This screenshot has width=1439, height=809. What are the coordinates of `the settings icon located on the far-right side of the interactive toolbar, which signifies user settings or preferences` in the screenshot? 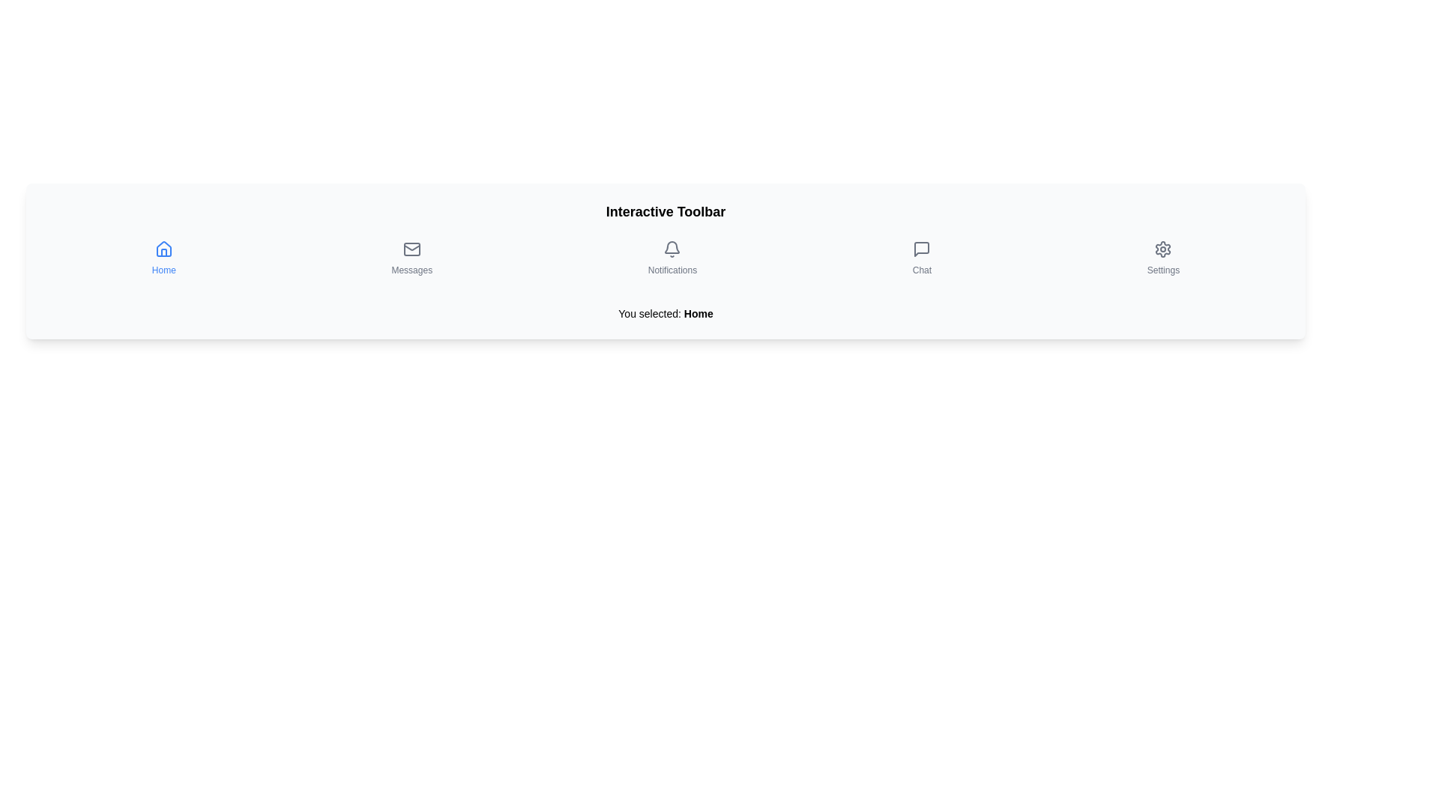 It's located at (1162, 248).